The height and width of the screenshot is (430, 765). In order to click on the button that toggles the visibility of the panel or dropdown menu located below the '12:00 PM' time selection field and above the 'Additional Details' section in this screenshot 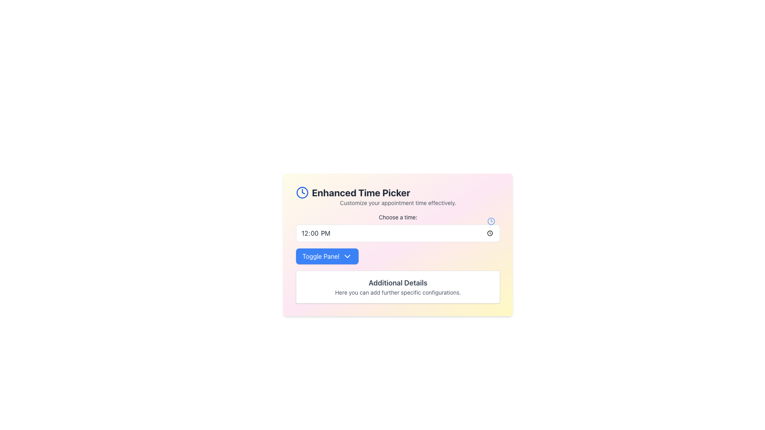, I will do `click(327, 256)`.